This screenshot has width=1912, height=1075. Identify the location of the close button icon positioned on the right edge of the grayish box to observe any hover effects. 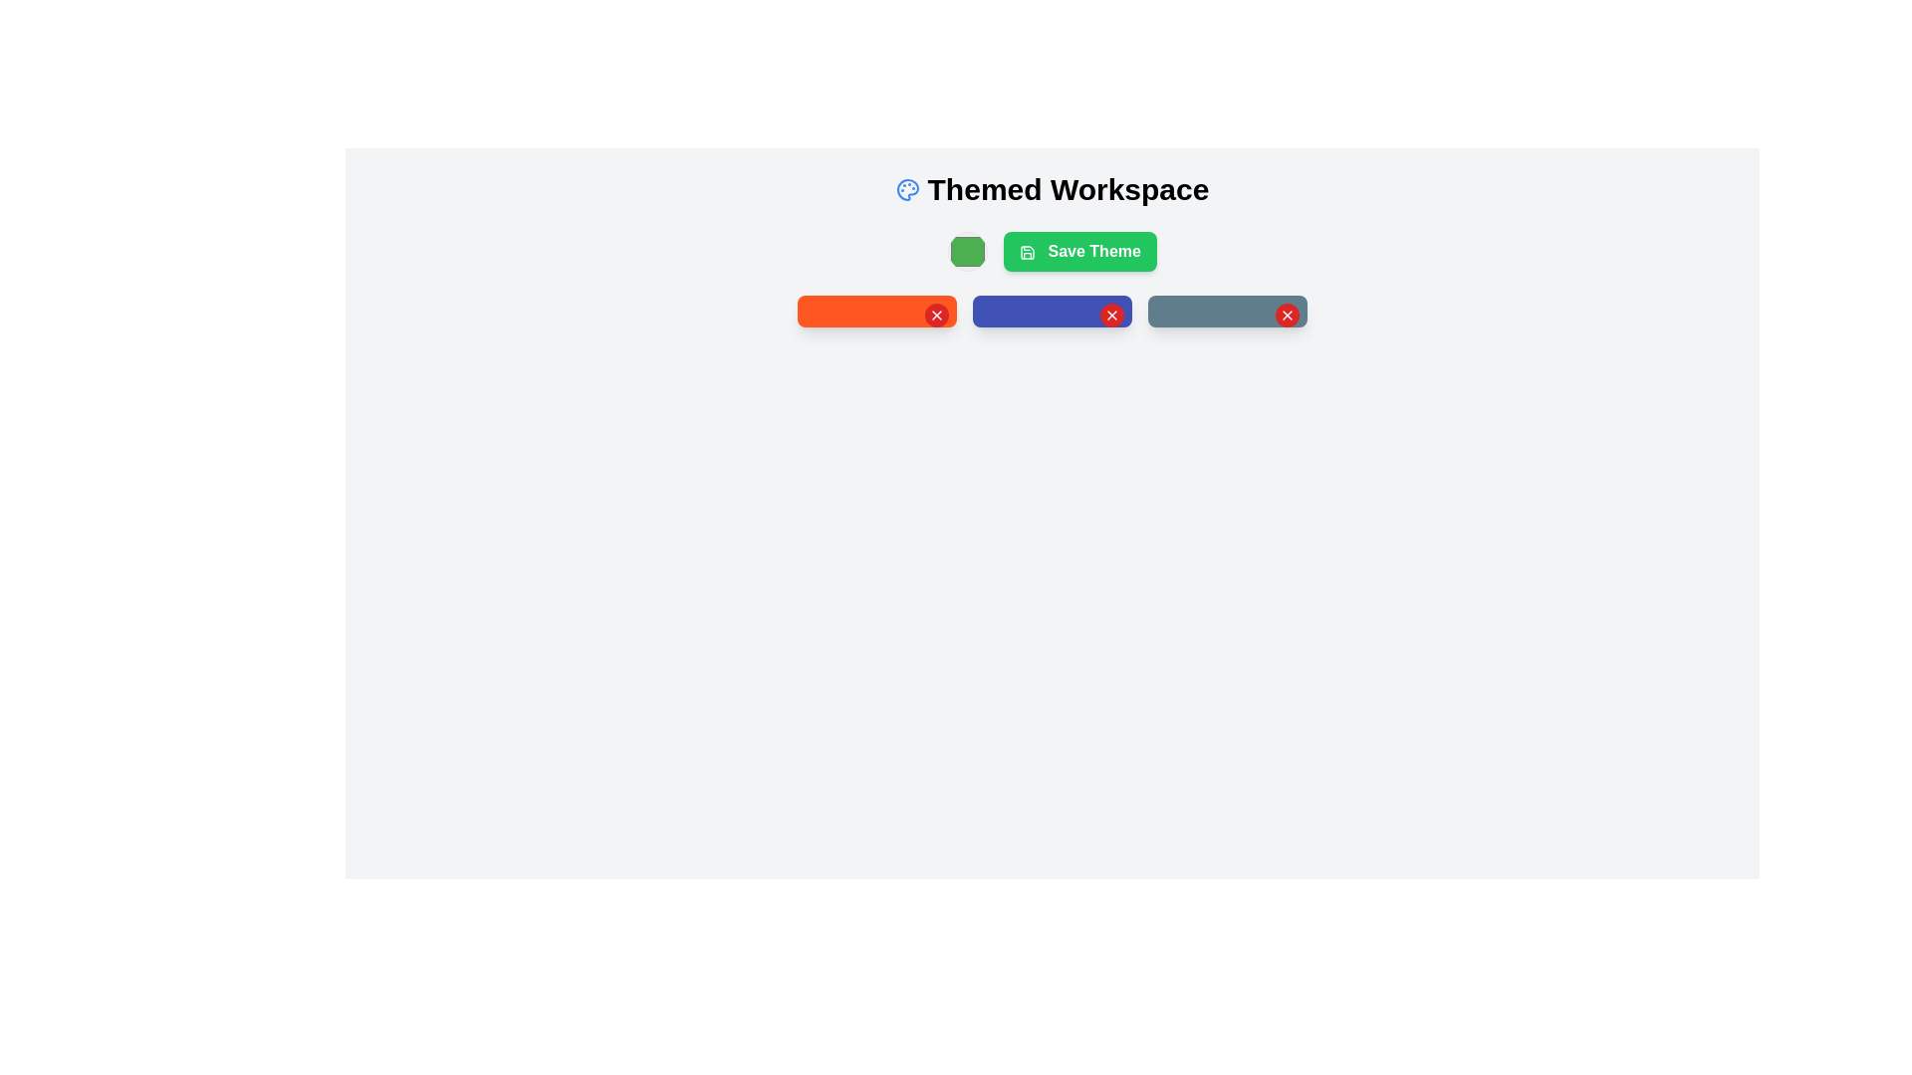
(1287, 314).